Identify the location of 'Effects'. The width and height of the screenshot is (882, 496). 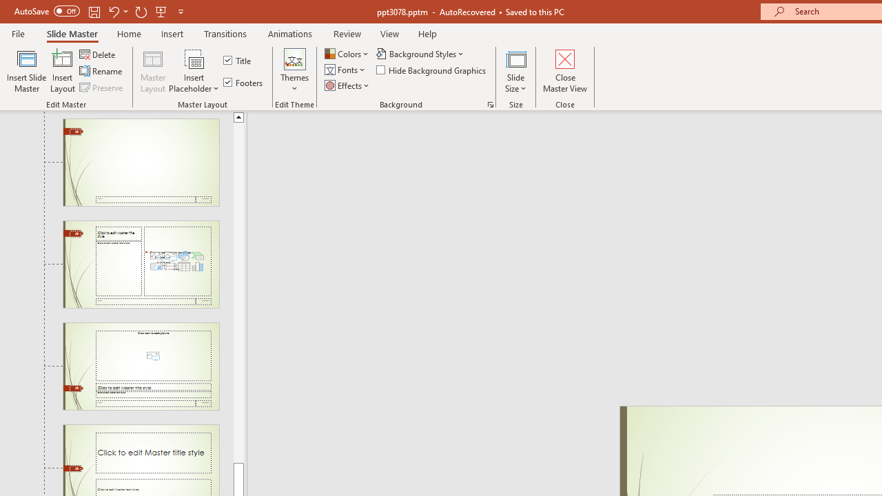
(348, 85).